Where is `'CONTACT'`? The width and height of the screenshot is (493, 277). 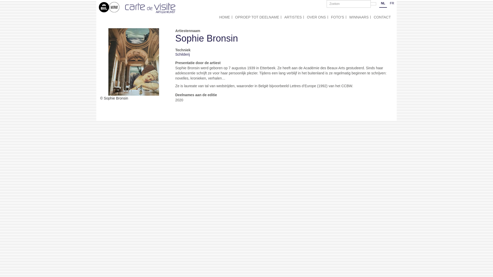
'CONTACT' is located at coordinates (371, 17).